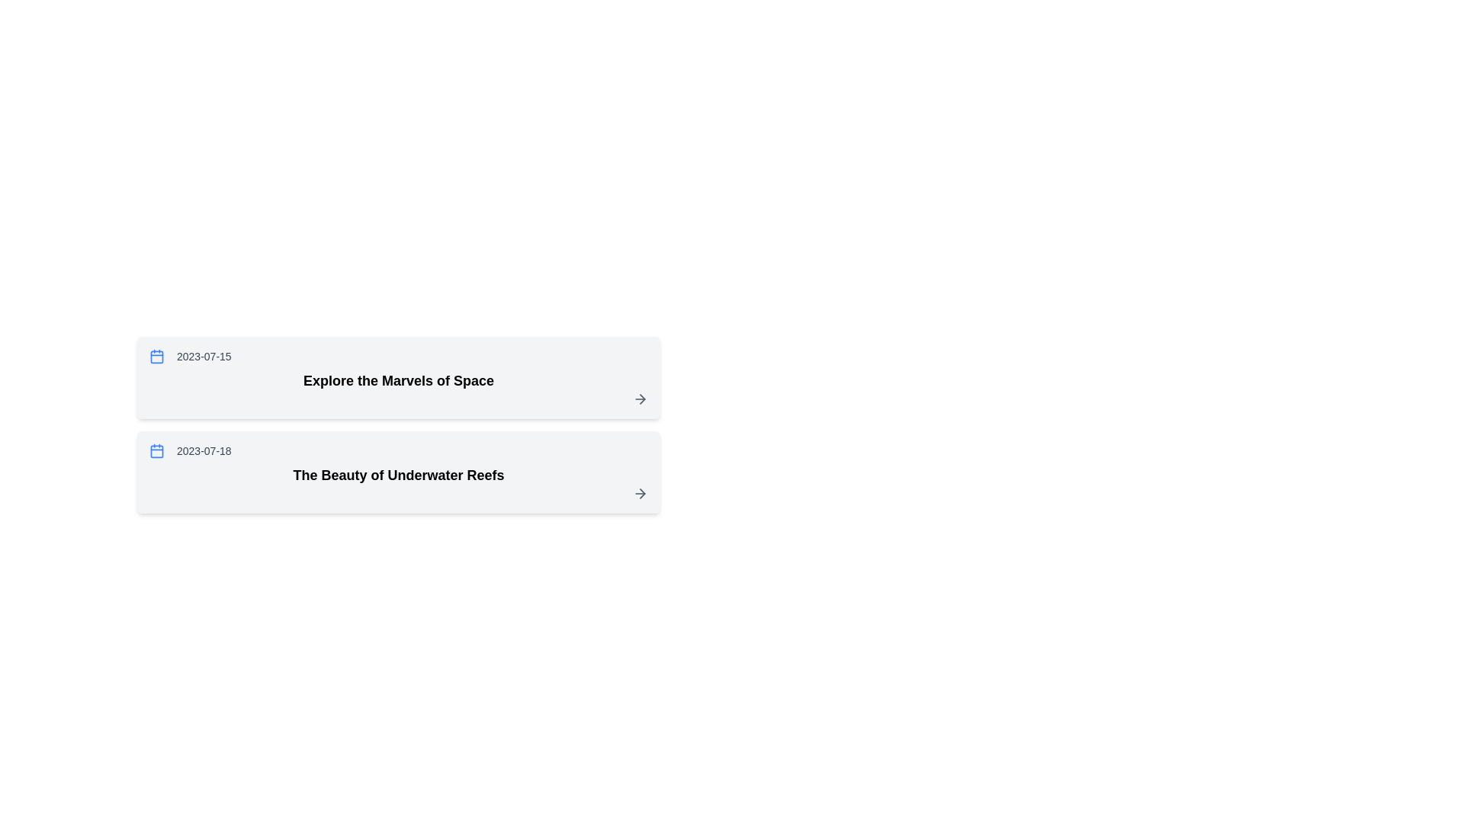  What do you see at coordinates (399, 380) in the screenshot?
I see `text content of the Text Block displaying 'Explore the Marvels of Space', which is styled prominently and located below the date label '2023-07-15'` at bounding box center [399, 380].